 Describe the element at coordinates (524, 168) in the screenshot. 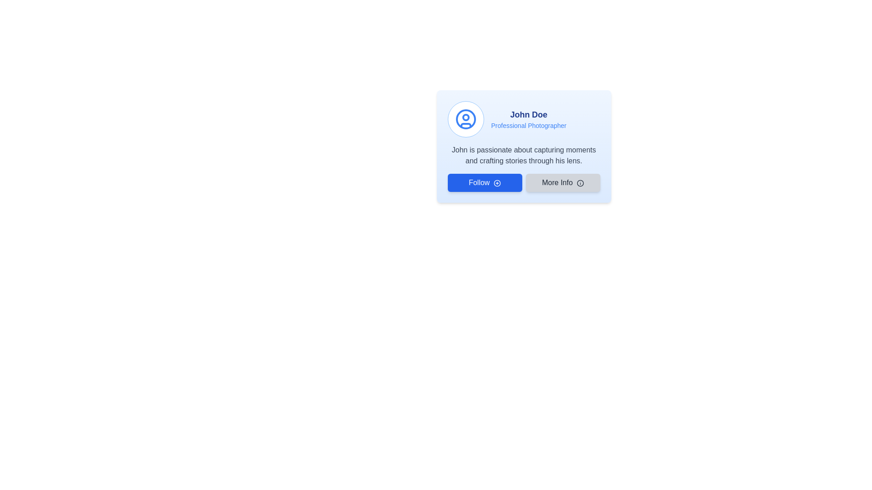

I see `the 'Follow' button on the Composite UI Component that displays information about the professional's passion, located below the professional's name and title` at that location.